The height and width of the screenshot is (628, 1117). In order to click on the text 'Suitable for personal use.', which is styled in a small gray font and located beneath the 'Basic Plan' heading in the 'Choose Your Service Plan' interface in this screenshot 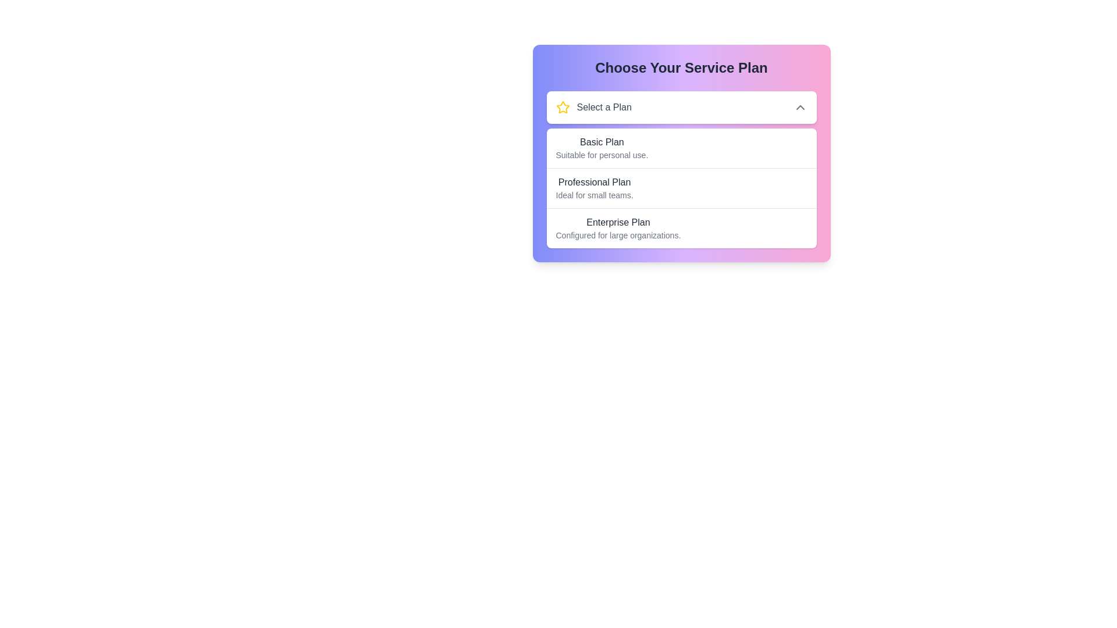, I will do `click(602, 154)`.